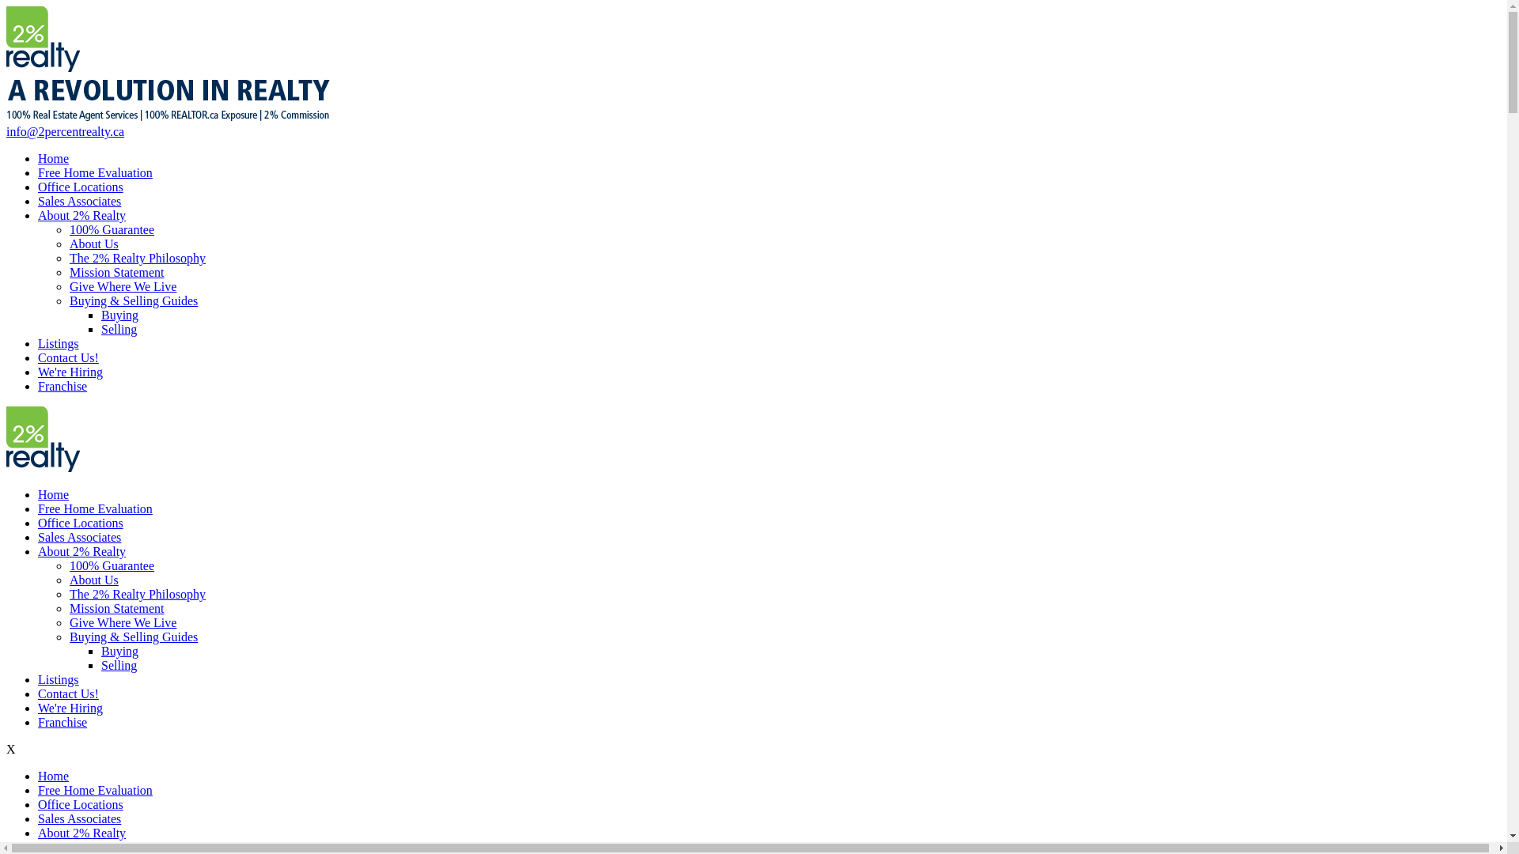  What do you see at coordinates (58, 678) in the screenshot?
I see `'Listings'` at bounding box center [58, 678].